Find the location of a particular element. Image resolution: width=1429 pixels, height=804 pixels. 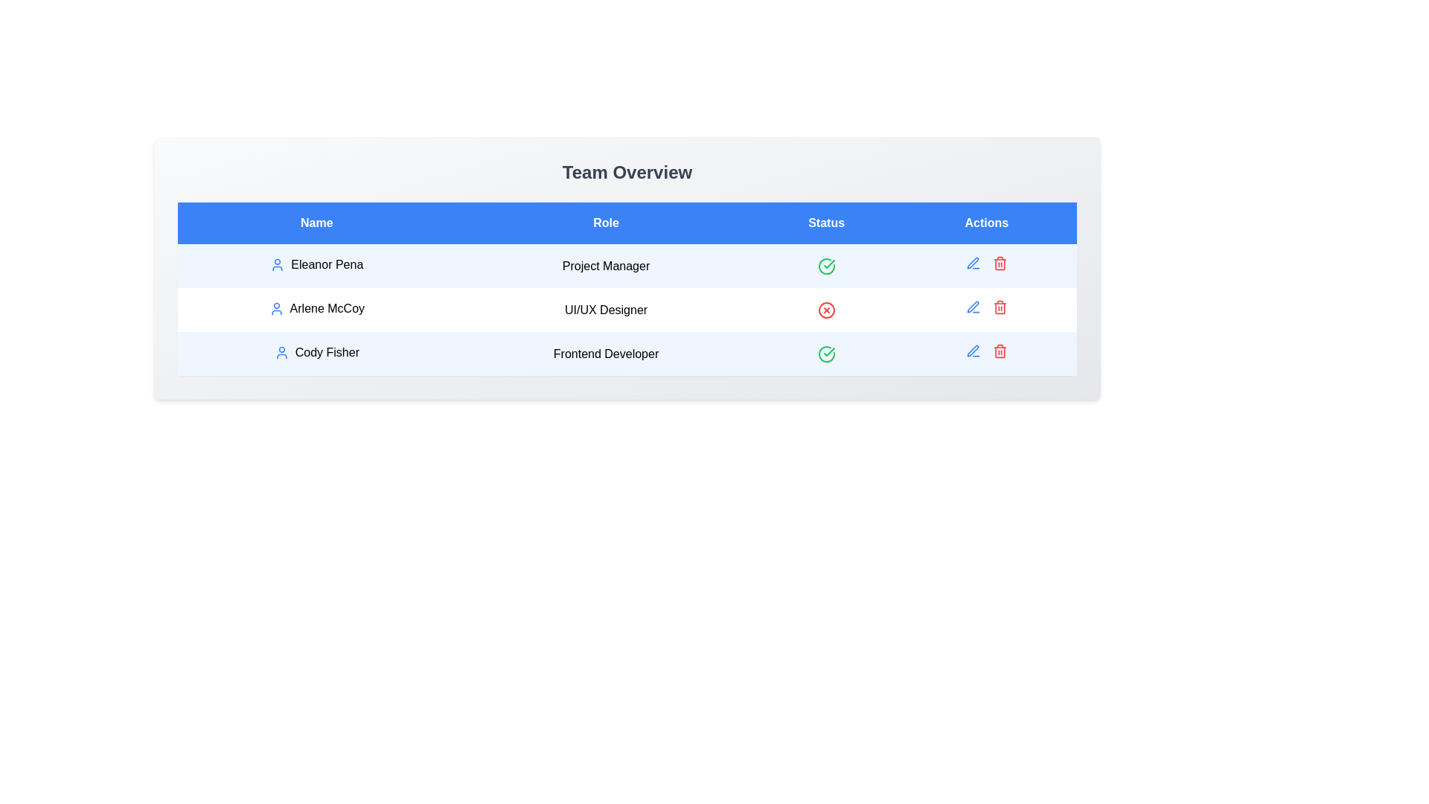

the second row in the 'Team Overview' table which contains 'Arlene McCoy' and 'UI/UX Designer' is located at coordinates (627, 309).